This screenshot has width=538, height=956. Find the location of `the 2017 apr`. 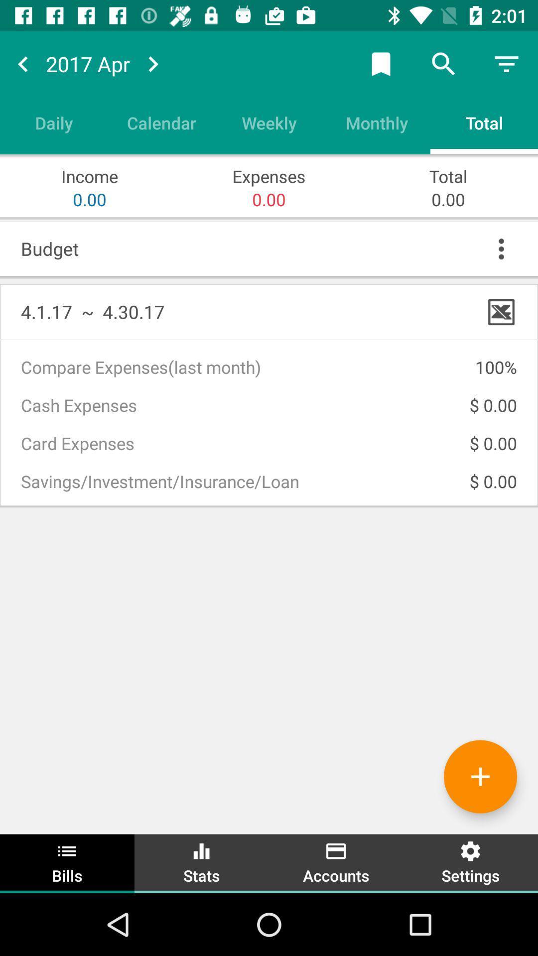

the 2017 apr is located at coordinates (87, 63).